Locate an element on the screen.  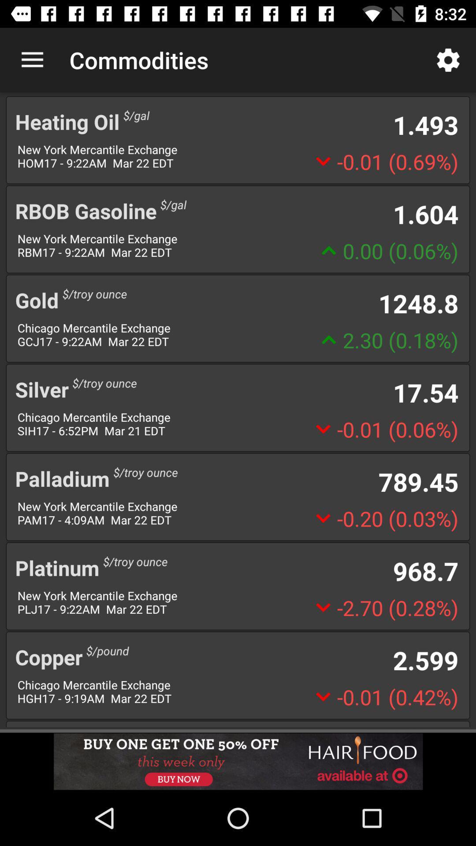
advertise banner is located at coordinates (238, 761).